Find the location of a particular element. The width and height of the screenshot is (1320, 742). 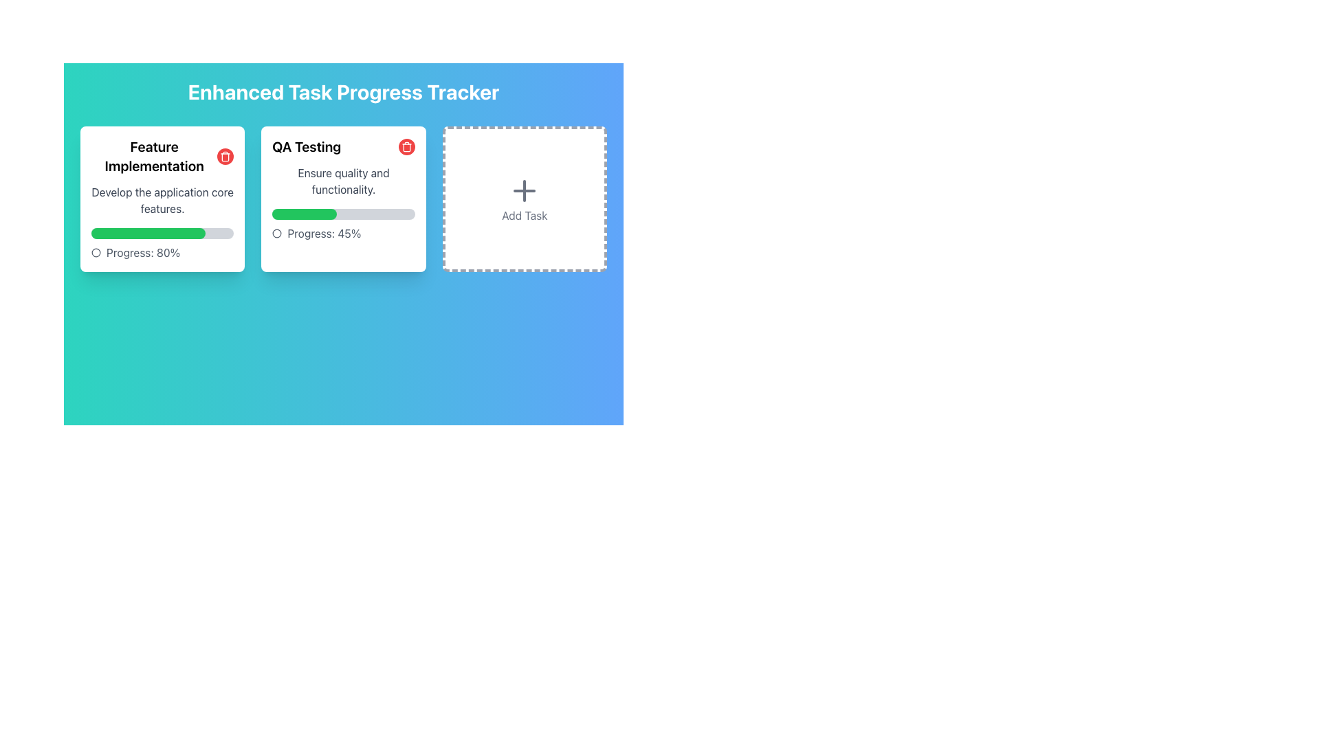

main title text of the interface, which is centered at the top of the page and serves as the application name for the task progress tracker is located at coordinates (343, 92).